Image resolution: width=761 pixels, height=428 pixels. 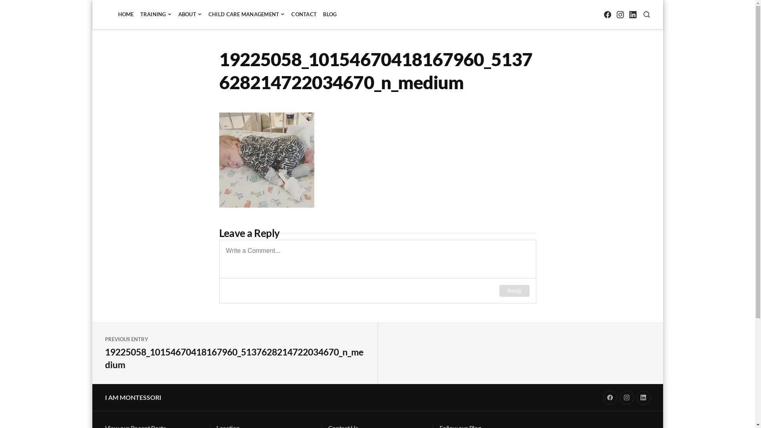 I want to click on 'HOME', so click(x=125, y=14).